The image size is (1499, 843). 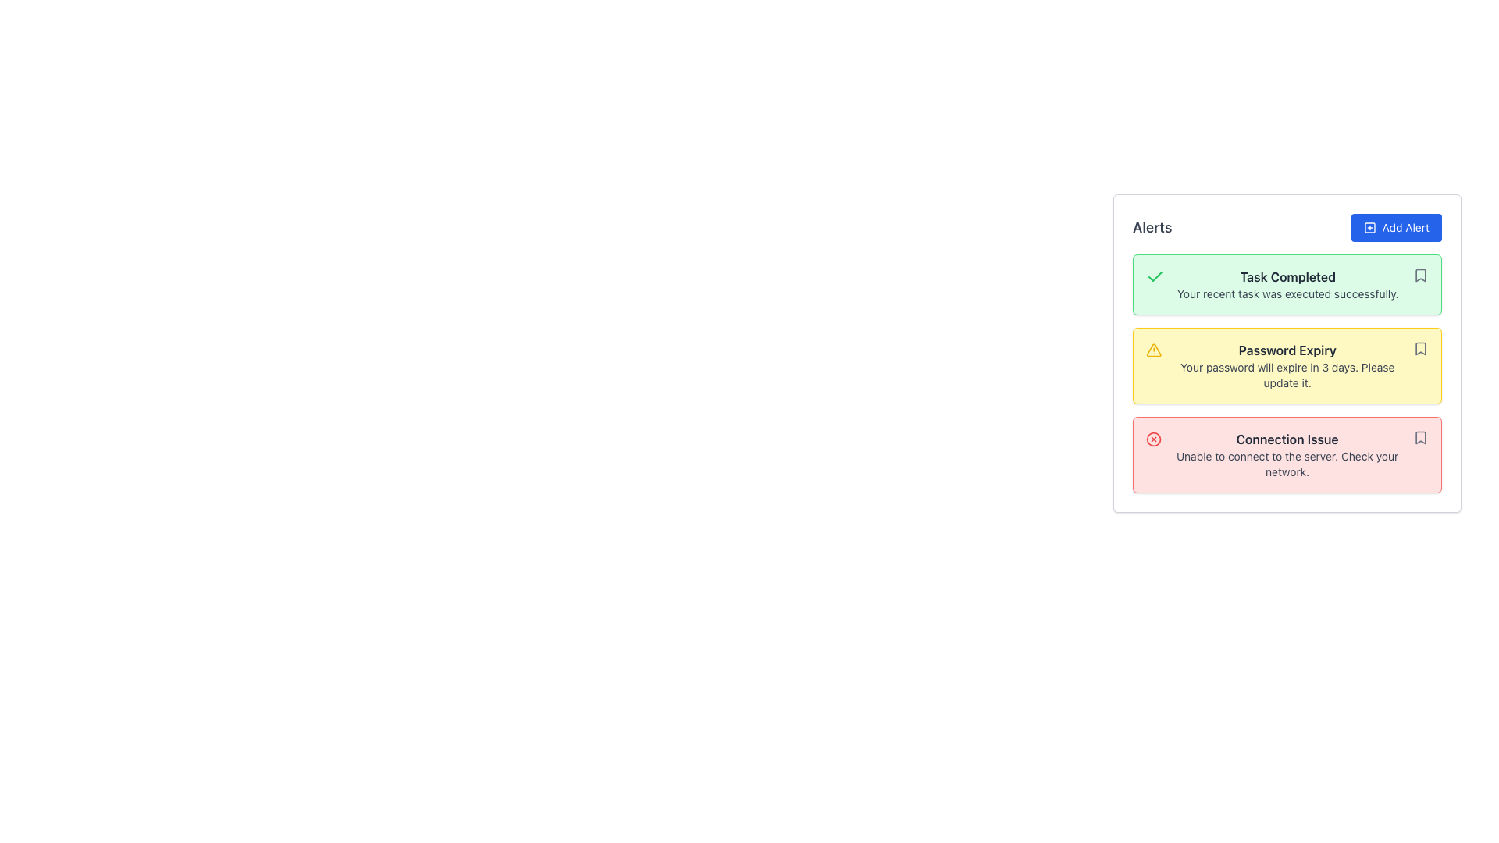 I want to click on the Icon or Bookmark Button located in the top-right corner of the 'Connection Issue' notification card to trigger a tooltip or state change, so click(x=1420, y=437).